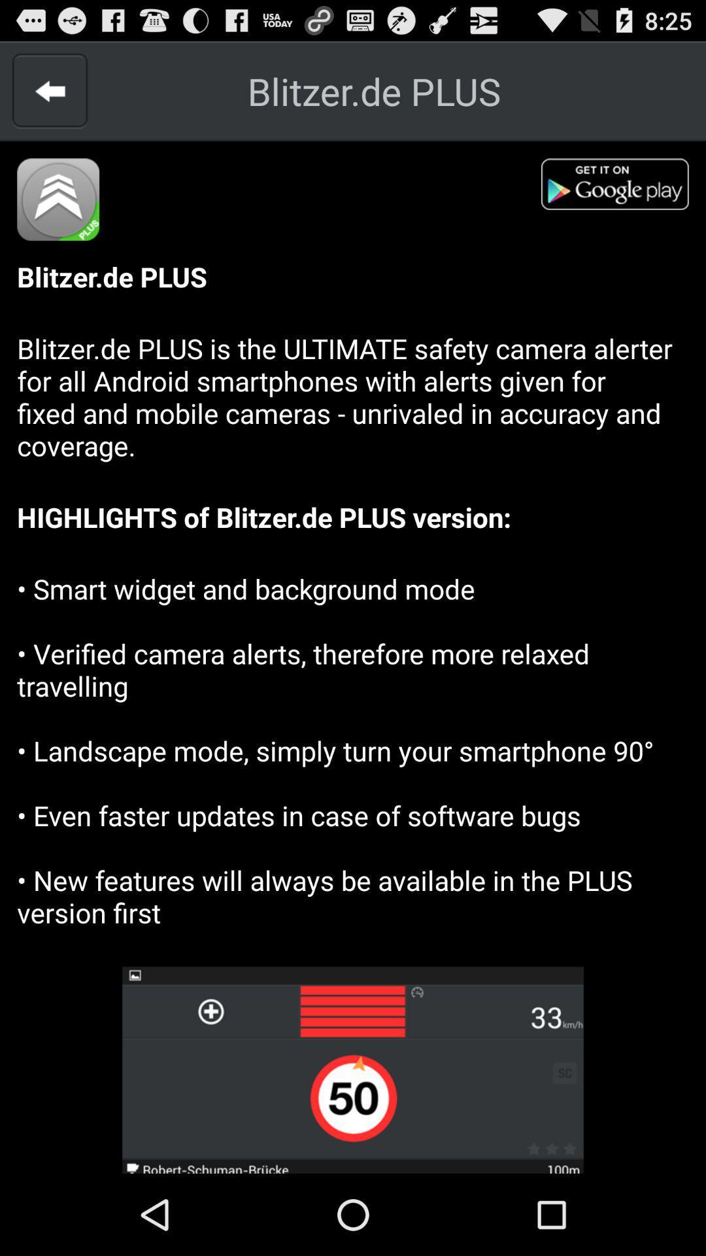  What do you see at coordinates (49, 90) in the screenshot?
I see `the app next to blitzer.de plus app` at bounding box center [49, 90].